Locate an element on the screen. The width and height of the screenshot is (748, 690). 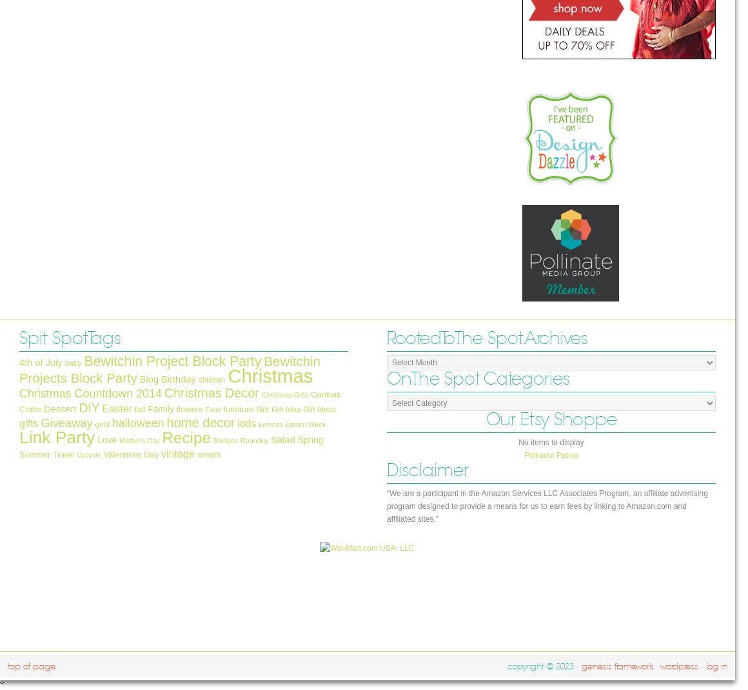
'Summer' is located at coordinates (35, 454).